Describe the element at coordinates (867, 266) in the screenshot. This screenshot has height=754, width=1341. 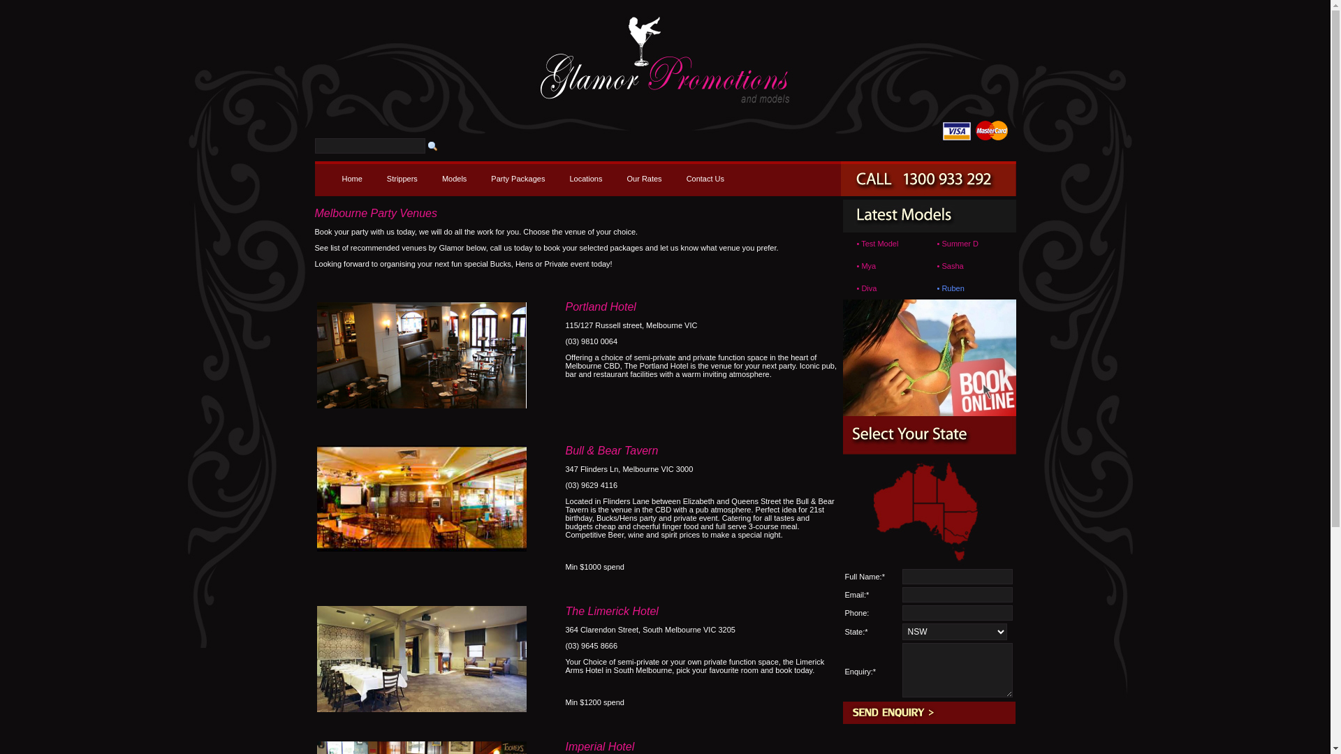
I see `'Mya'` at that location.